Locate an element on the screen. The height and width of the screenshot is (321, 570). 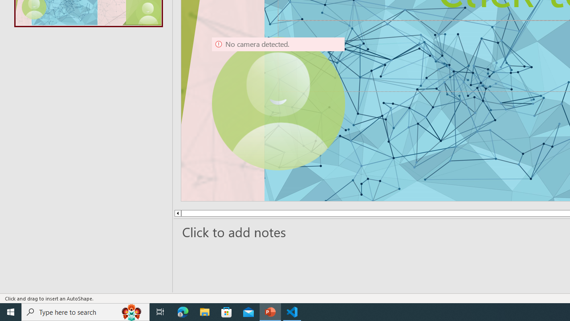
'Camera 9, No camera detected.' is located at coordinates (277, 103).